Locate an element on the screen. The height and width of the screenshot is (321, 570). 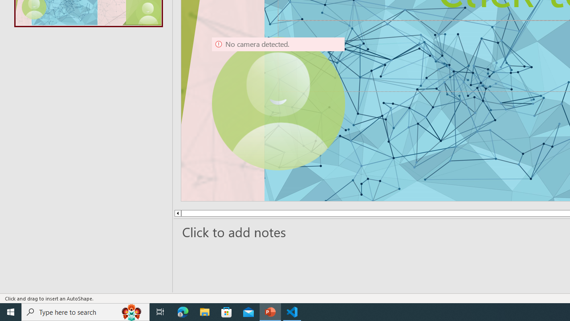
'Camera 9, No camera detected.' is located at coordinates (277, 103).